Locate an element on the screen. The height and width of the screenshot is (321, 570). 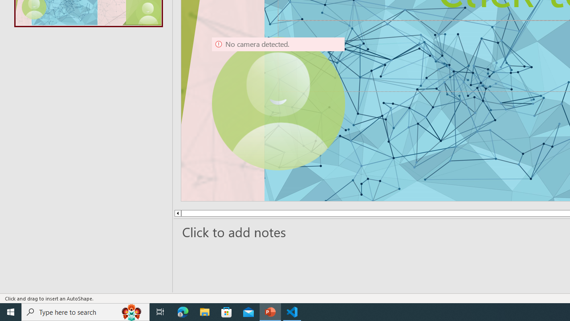
'Camera 9, No camera detected.' is located at coordinates (277, 103).